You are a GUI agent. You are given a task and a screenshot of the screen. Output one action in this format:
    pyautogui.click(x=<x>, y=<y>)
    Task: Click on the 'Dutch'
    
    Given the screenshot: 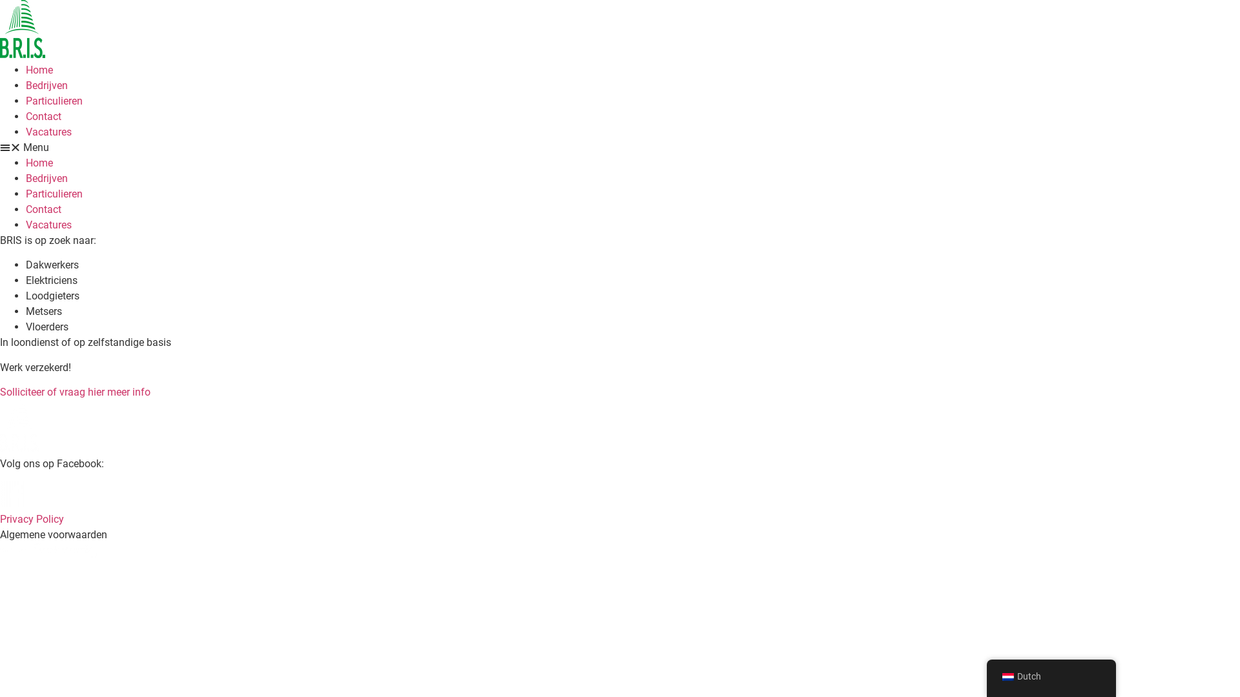 What is the action you would take?
    pyautogui.click(x=1051, y=676)
    